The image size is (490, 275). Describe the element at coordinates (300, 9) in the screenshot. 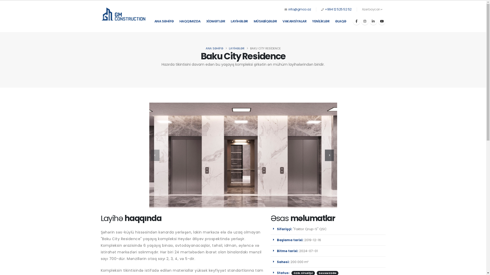

I see `'info@gmco.az'` at that location.